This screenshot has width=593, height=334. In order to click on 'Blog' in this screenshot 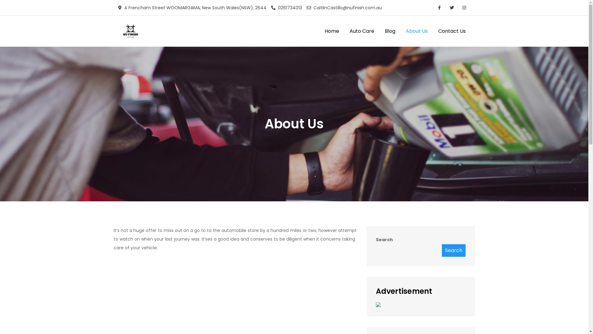, I will do `click(389, 31)`.